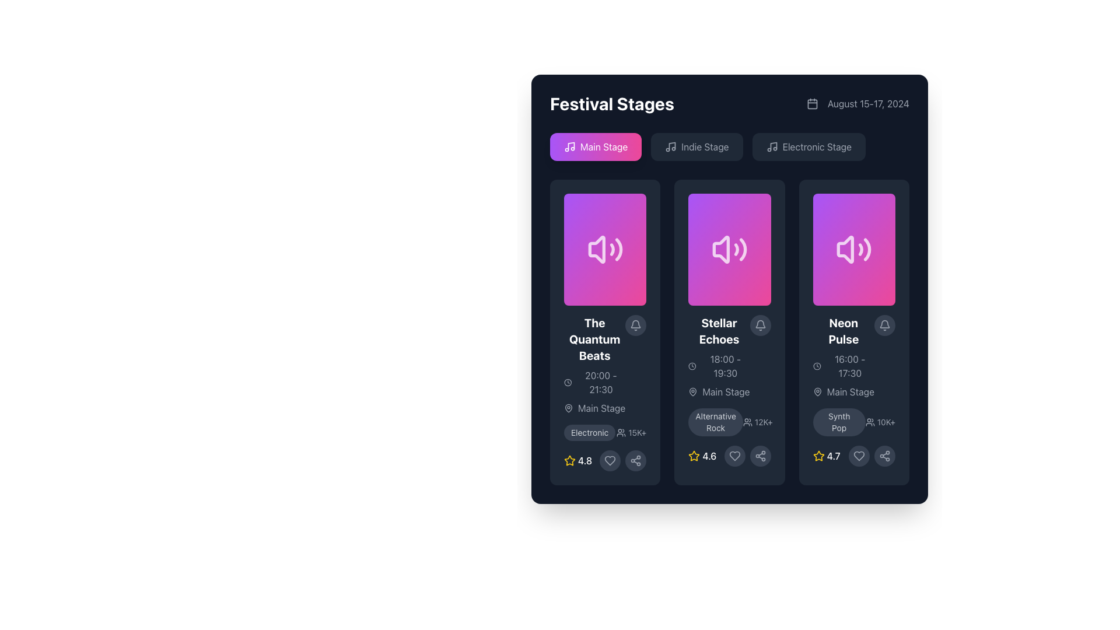 The image size is (1120, 630). I want to click on the text block providing information about the event within the 'Stellar Echoes' card, which is centrally aligned between the title and additional metadata, so click(729, 356).